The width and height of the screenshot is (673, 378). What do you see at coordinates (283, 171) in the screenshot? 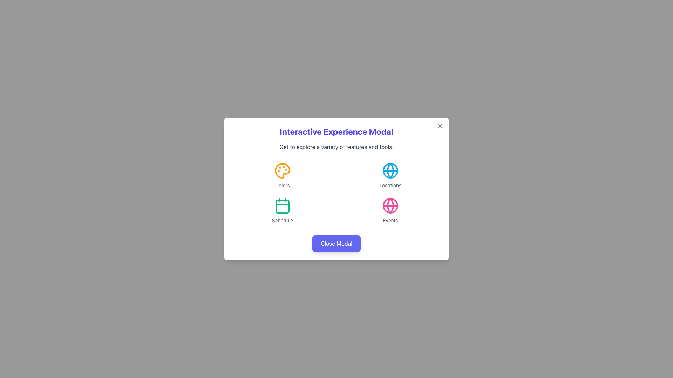
I see `the orange-colored palette-shaped icon located in the upper left quadrant of the modal dialog box, adjacent to the text label 'Colors'` at bounding box center [283, 171].